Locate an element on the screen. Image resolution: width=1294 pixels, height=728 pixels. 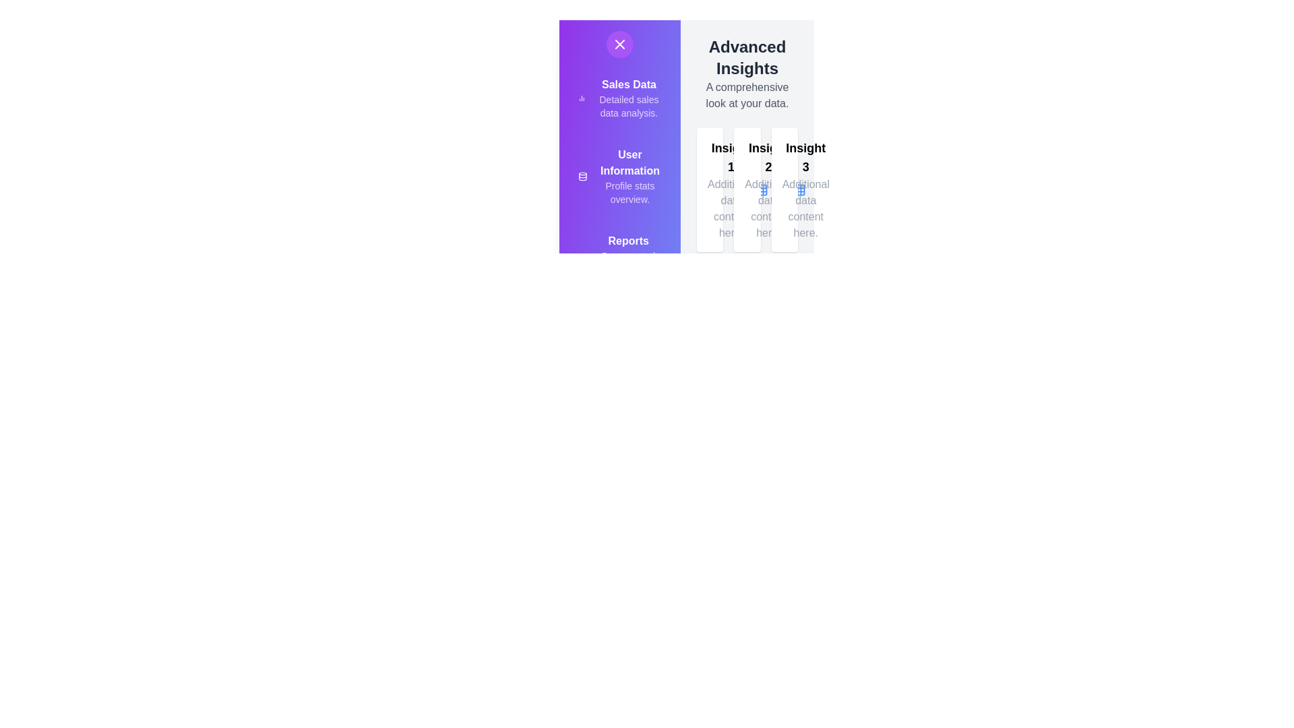
the menu item labeled 'Sales Data' to view its details is located at coordinates (619, 98).